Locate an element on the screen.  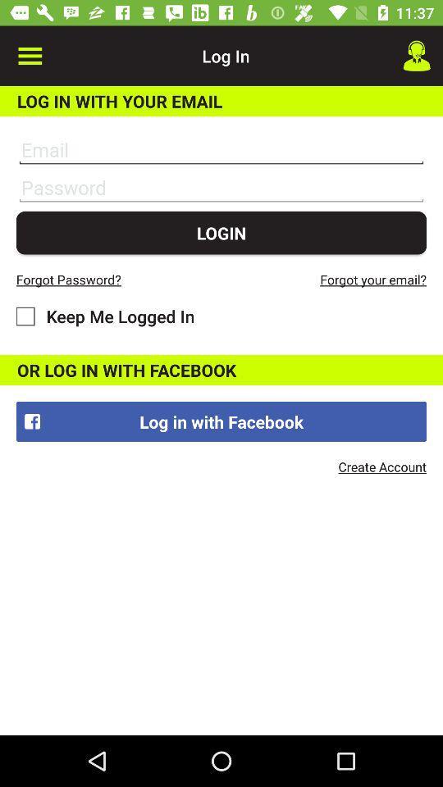
item at the top left corner is located at coordinates (30, 56).